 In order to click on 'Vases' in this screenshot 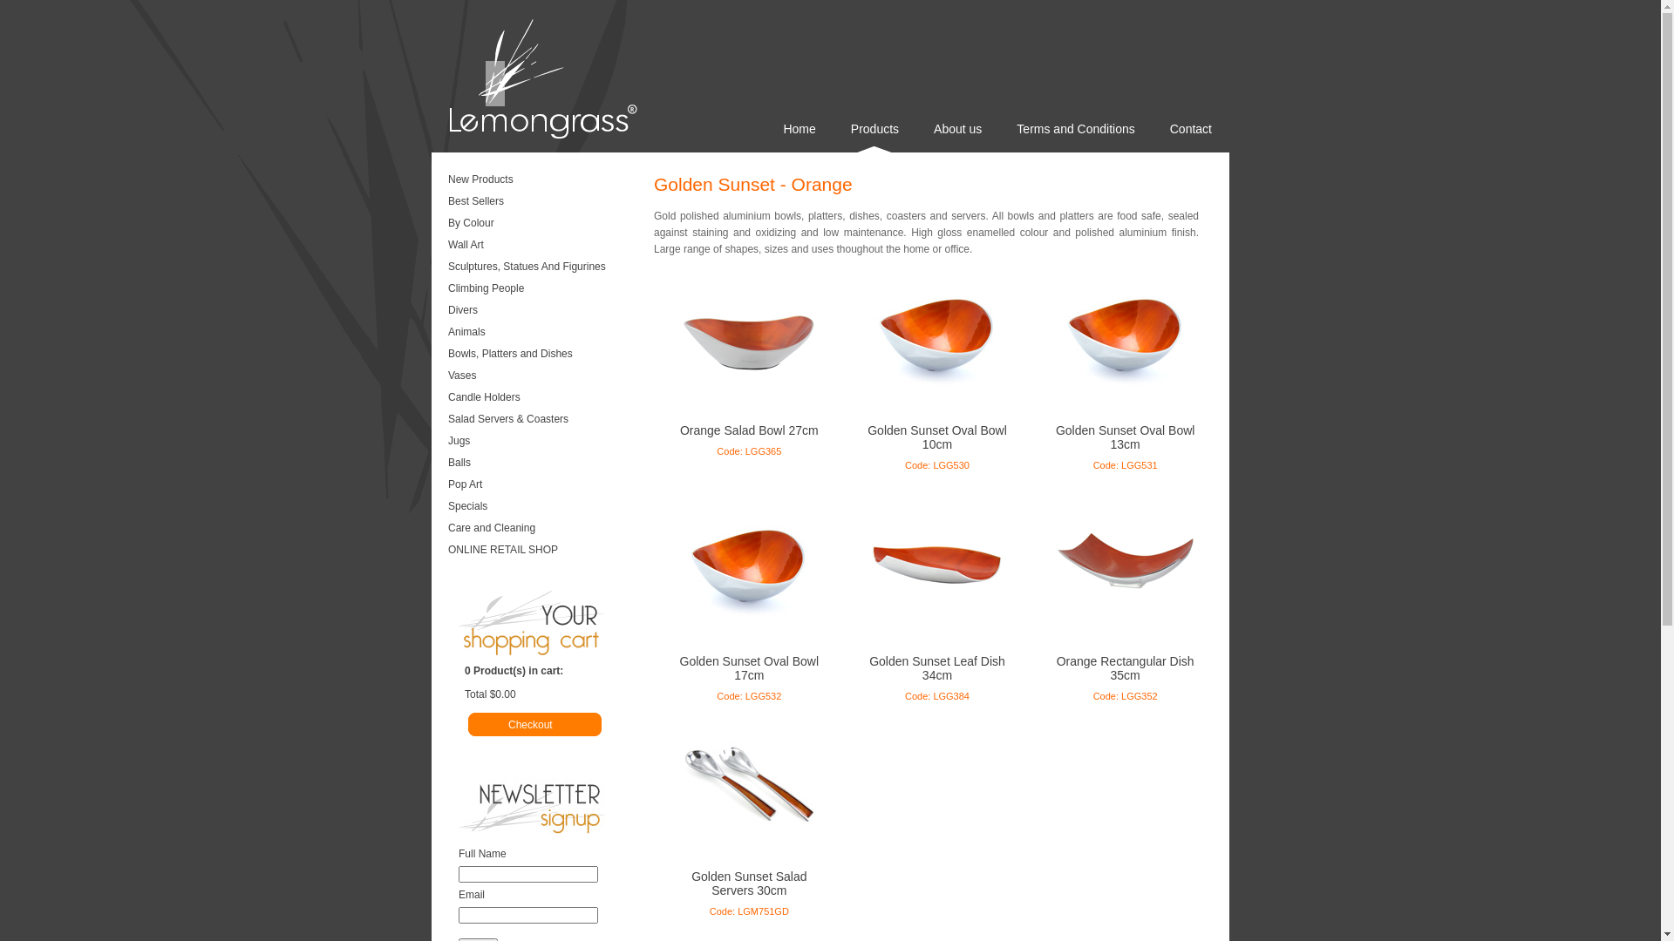, I will do `click(539, 376)`.